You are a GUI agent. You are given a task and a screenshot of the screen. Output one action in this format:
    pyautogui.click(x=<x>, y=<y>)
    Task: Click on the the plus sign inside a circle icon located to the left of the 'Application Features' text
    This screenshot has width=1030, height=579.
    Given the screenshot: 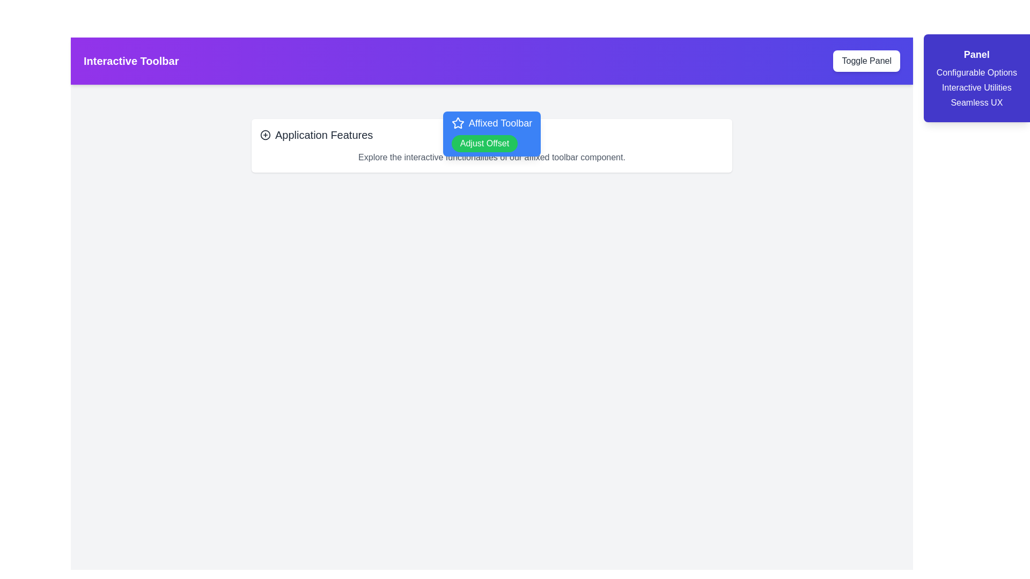 What is the action you would take?
    pyautogui.click(x=265, y=134)
    